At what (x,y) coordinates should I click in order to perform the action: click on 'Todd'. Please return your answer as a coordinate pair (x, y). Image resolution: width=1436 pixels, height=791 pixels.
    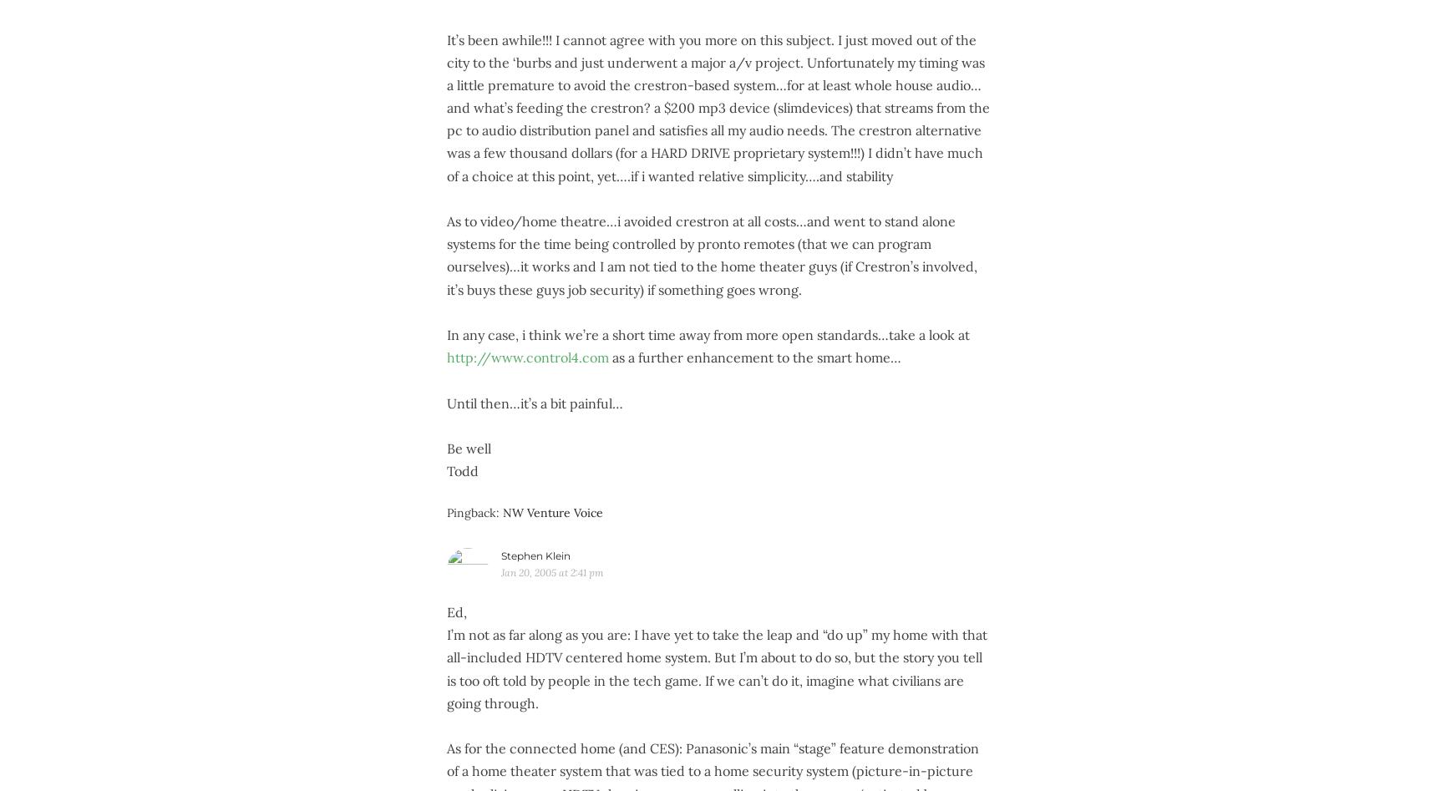
    Looking at the image, I should click on (462, 470).